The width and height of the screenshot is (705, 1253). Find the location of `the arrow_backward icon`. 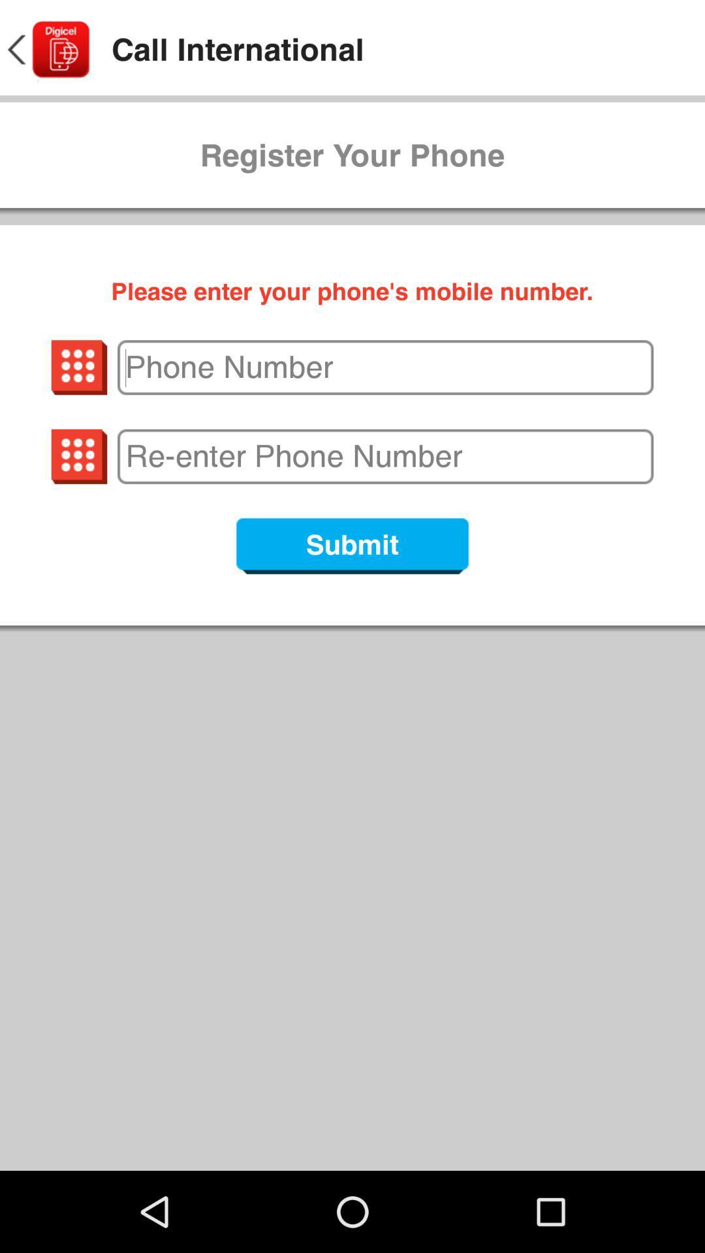

the arrow_backward icon is located at coordinates (46, 52).